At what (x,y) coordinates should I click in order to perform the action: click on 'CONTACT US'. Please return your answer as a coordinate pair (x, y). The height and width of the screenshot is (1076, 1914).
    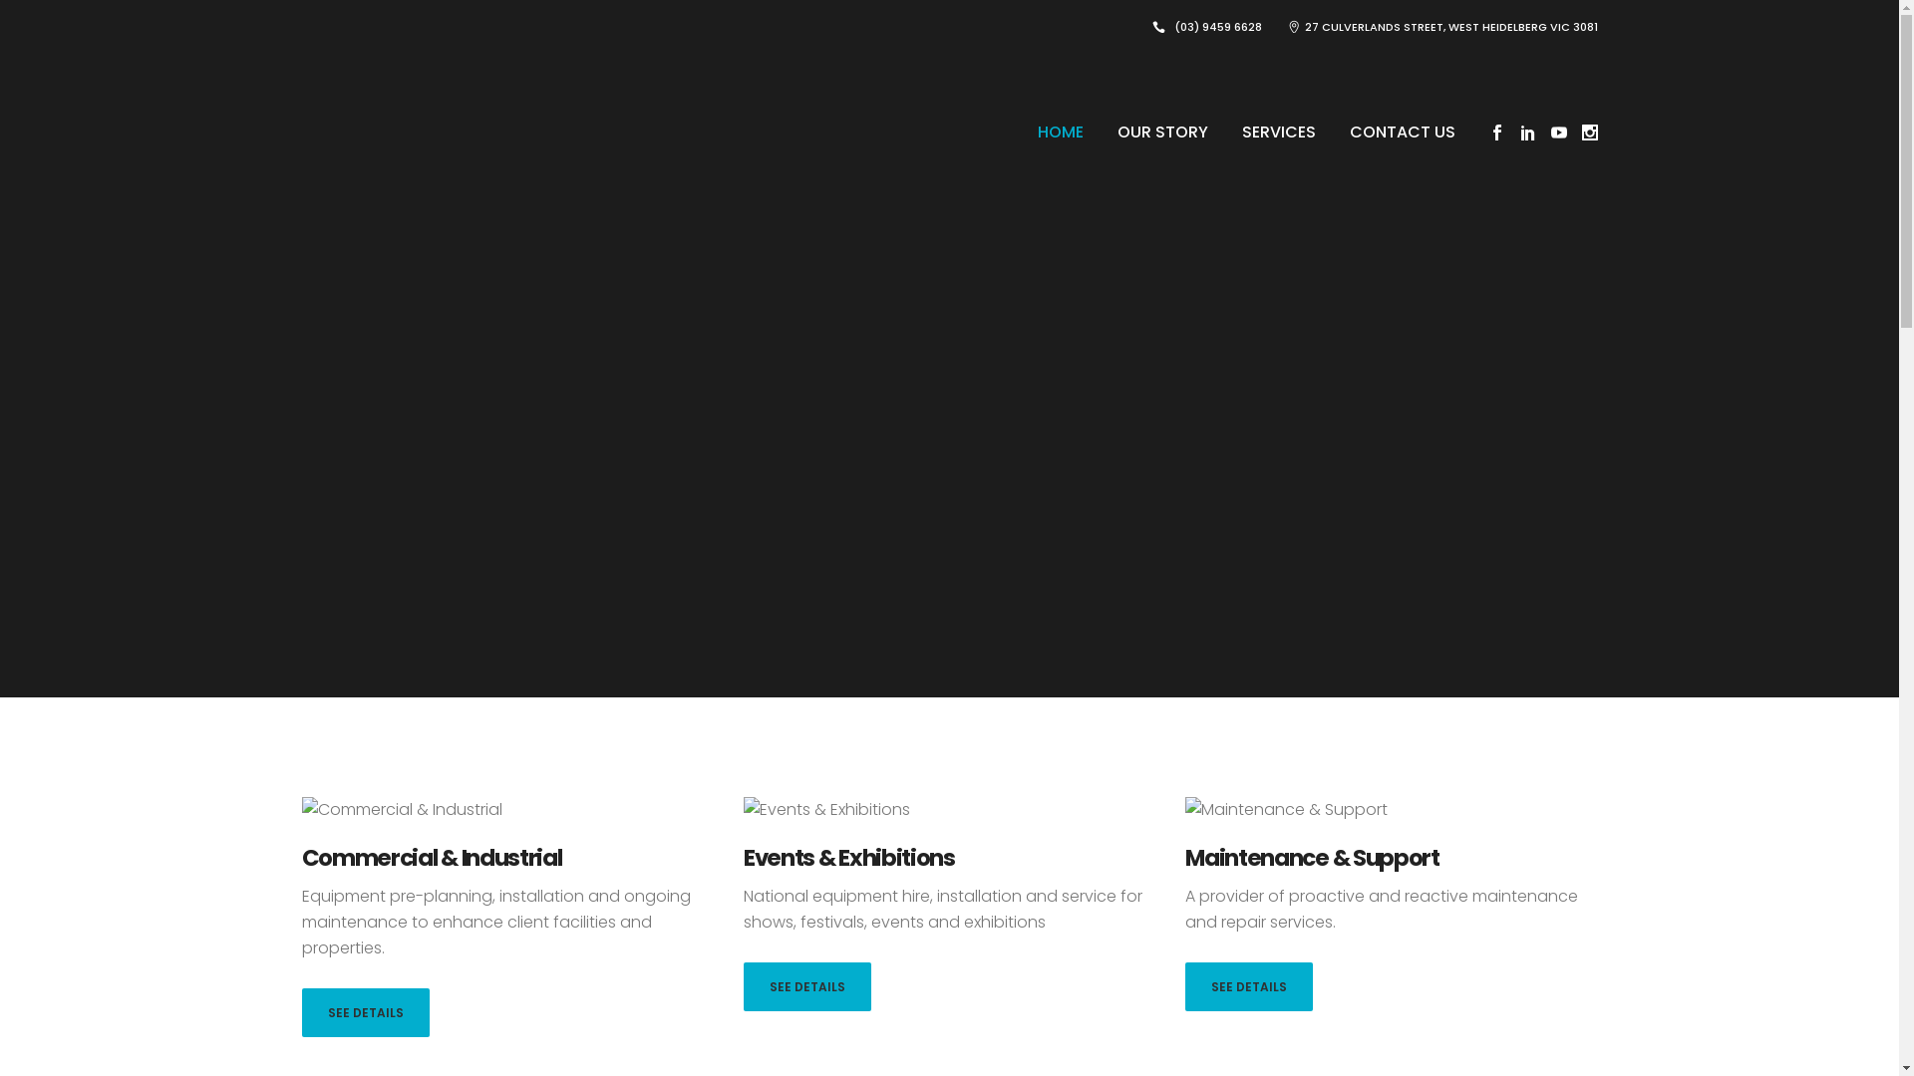
    Looking at the image, I should click on (1401, 132).